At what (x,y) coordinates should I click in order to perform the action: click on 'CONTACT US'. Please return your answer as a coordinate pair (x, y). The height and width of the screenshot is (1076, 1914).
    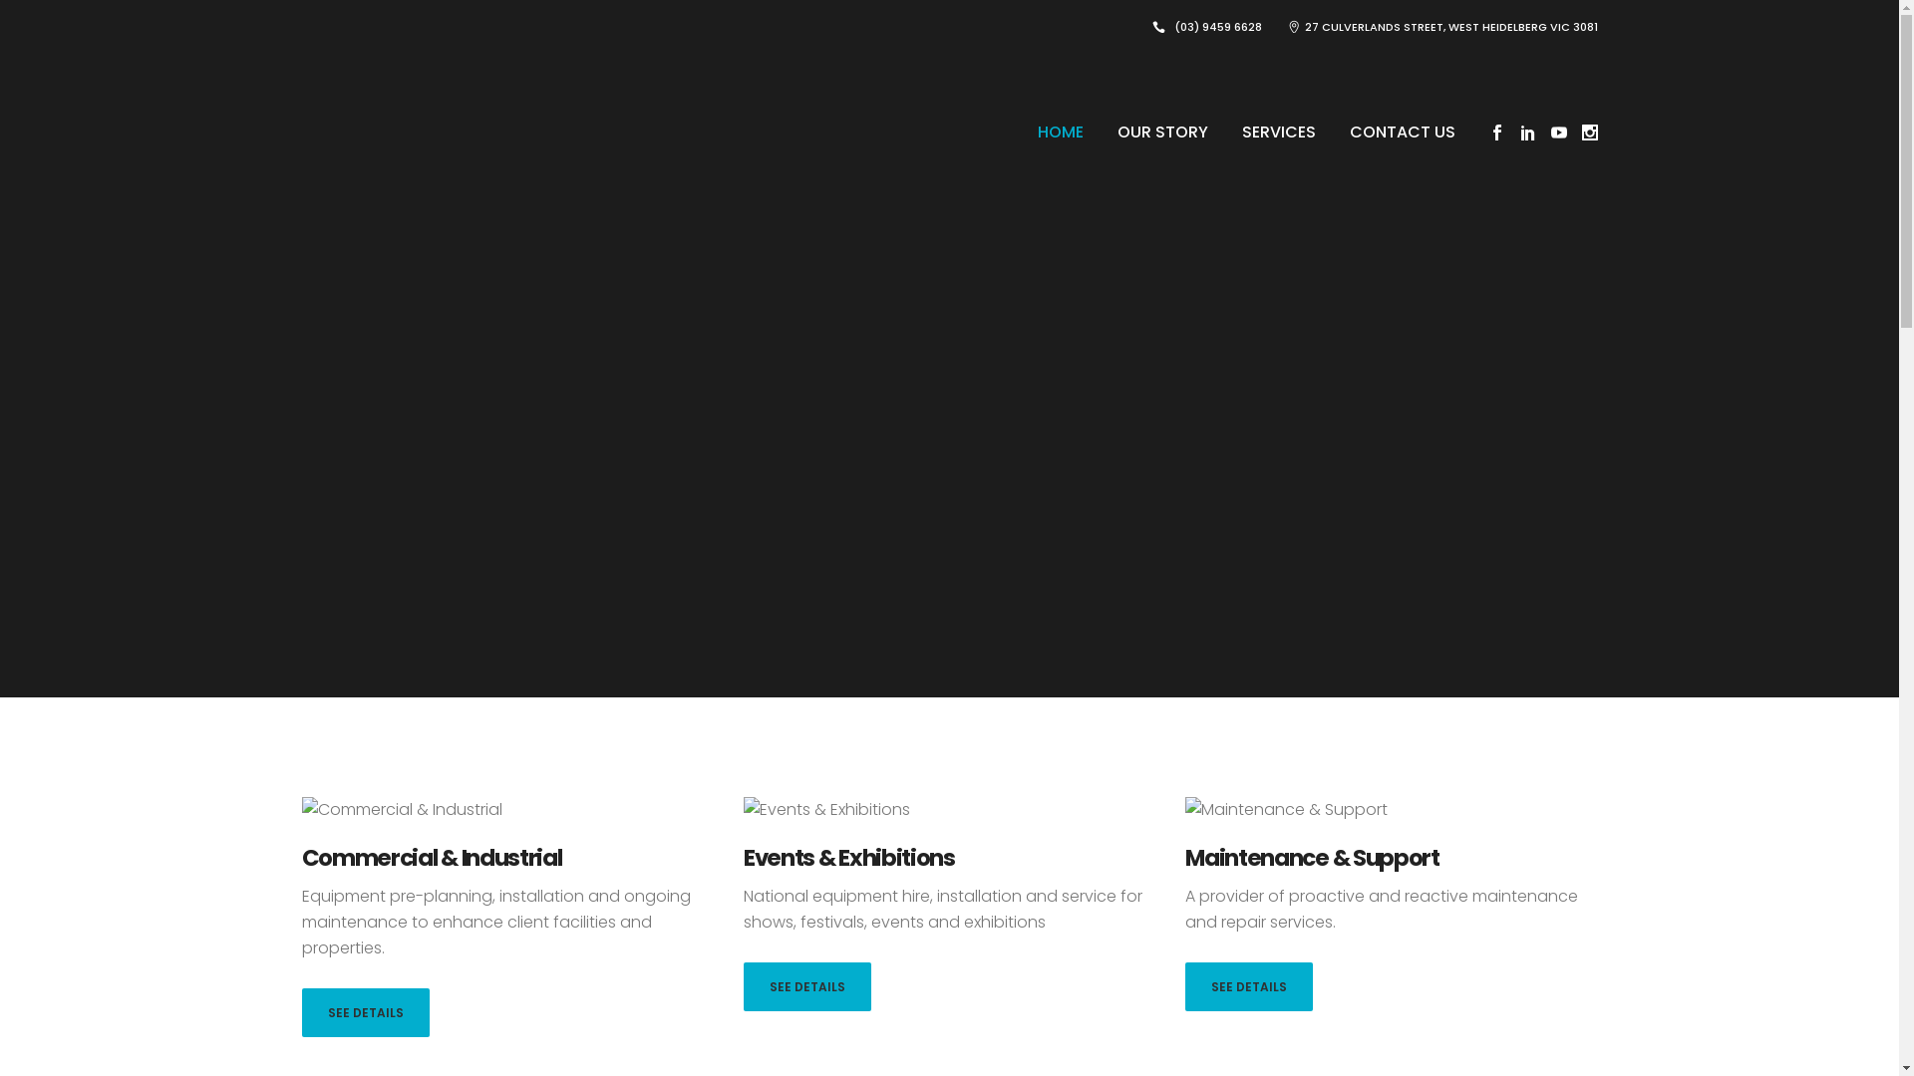
    Looking at the image, I should click on (1401, 132).